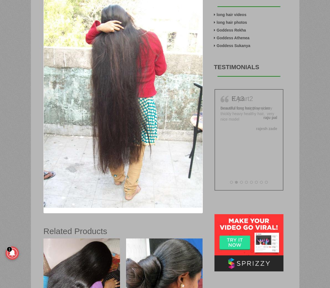 The width and height of the screenshot is (330, 288). I want to click on 'long hair photos', so click(231, 22).